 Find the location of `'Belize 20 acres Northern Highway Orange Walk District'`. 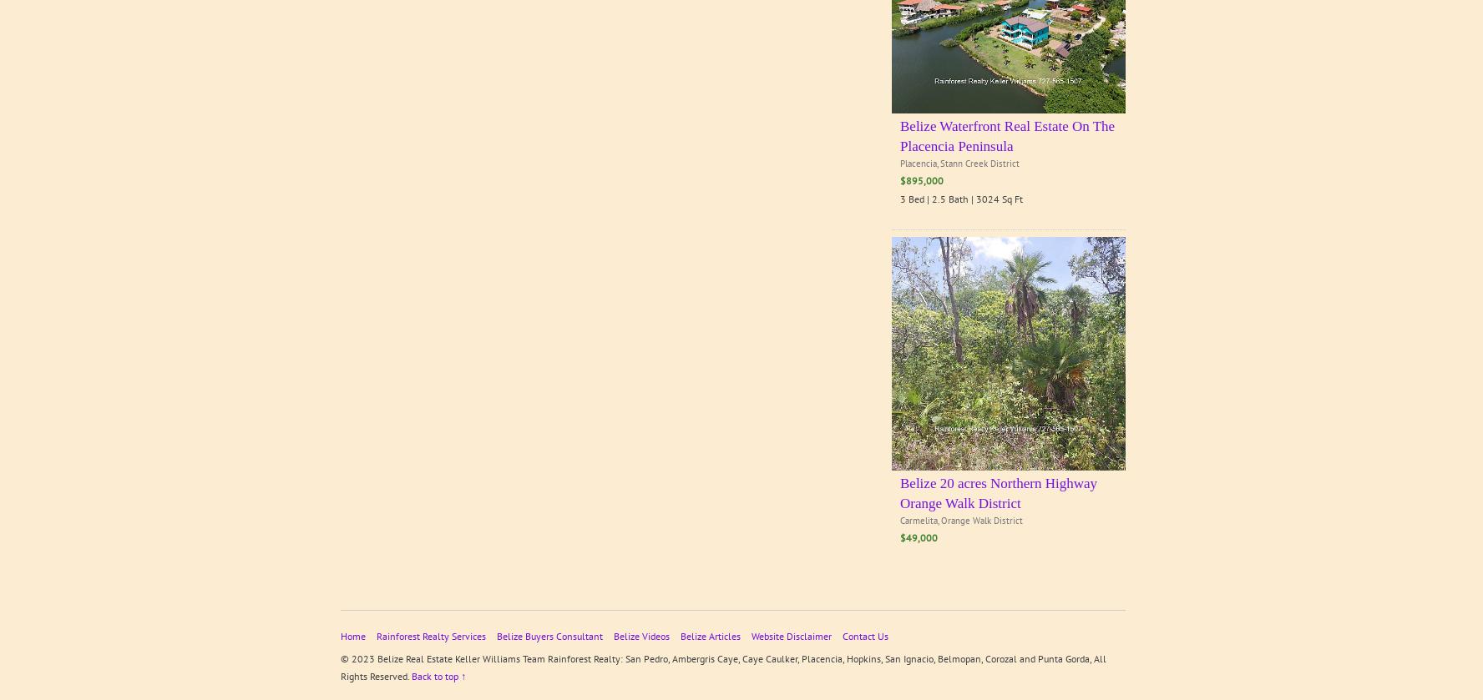

'Belize 20 acres Northern Highway Orange Walk District' is located at coordinates (997, 492).